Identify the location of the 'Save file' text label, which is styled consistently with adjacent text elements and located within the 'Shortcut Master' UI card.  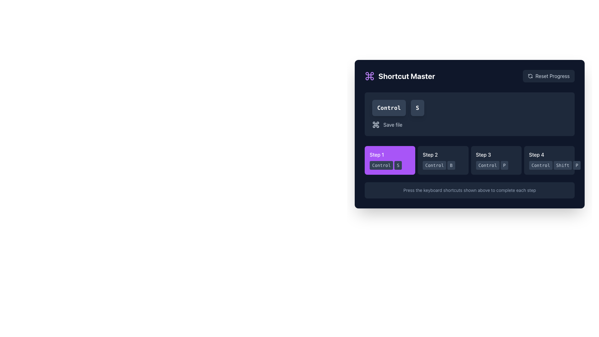
(392, 125).